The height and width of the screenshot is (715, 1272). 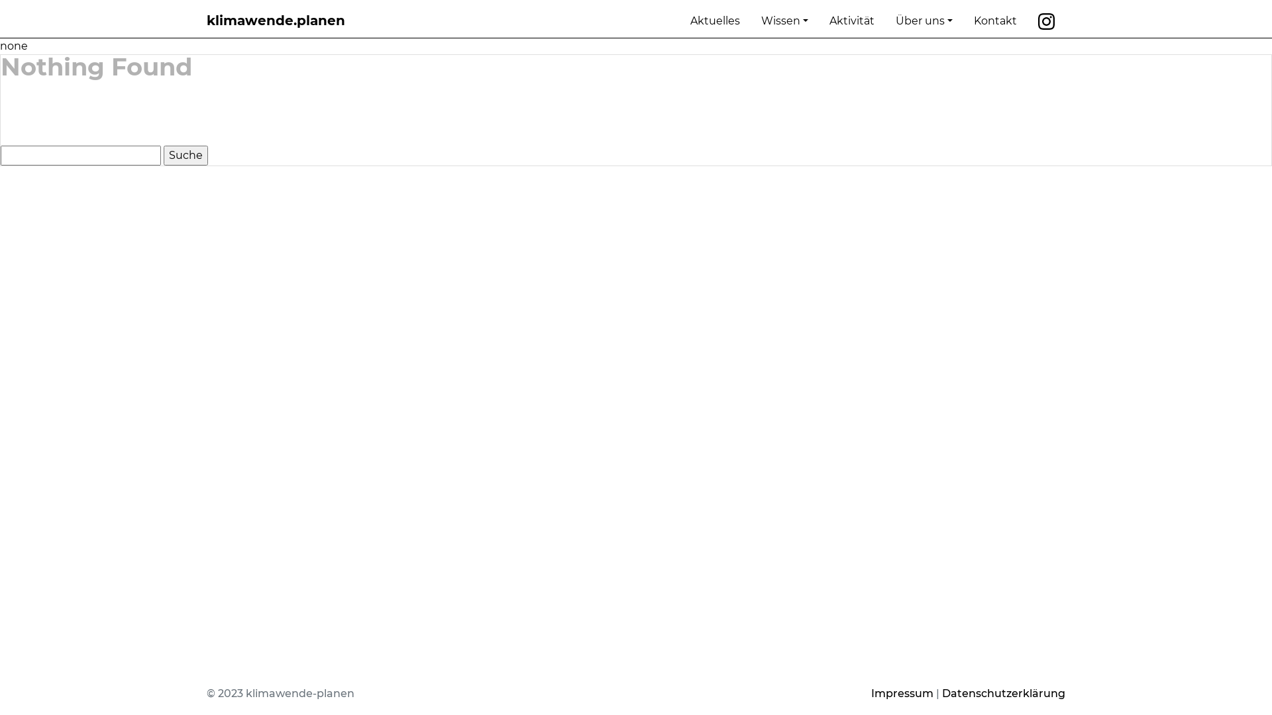 I want to click on 'Aktuelles', so click(x=714, y=21).